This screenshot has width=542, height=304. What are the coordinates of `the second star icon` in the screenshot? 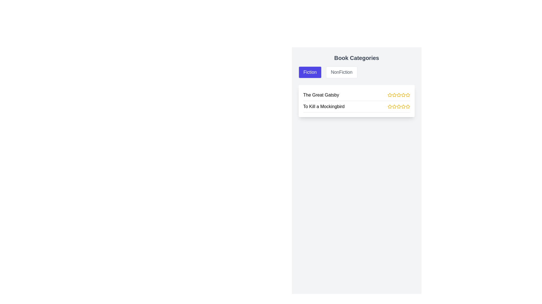 It's located at (394, 106).